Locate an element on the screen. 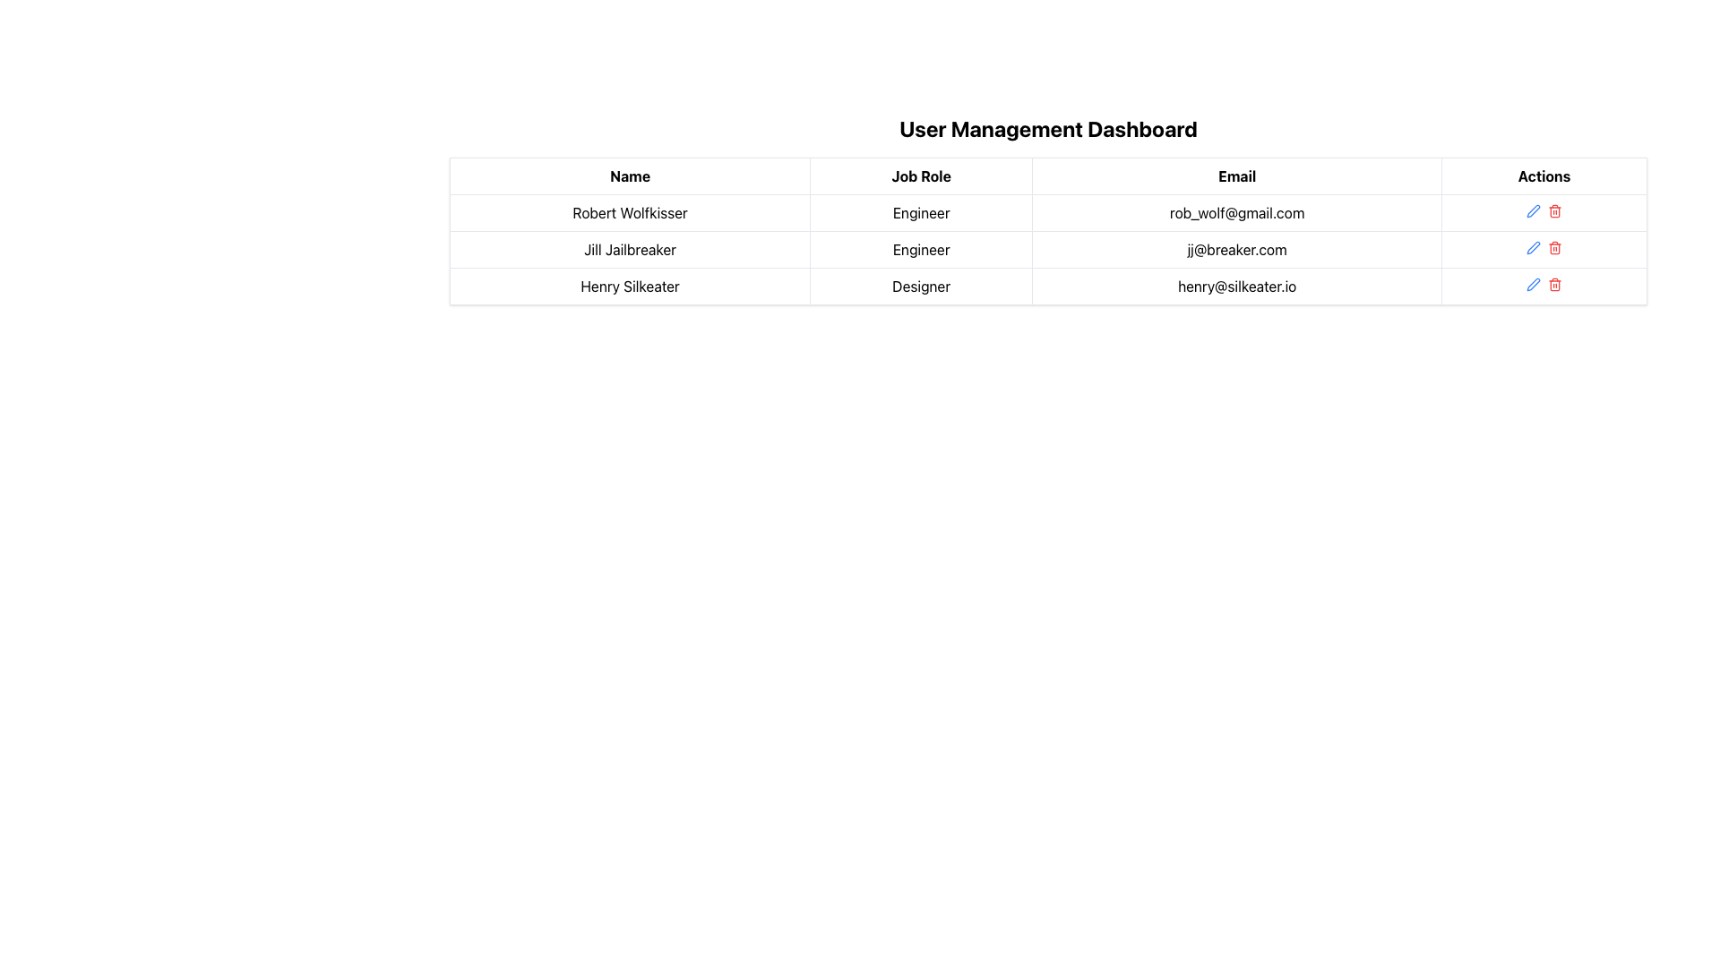  the small pen icon with a blue outline in the 'Actions' column for the user 'Jill Jailbreaker' is located at coordinates (1533, 248).